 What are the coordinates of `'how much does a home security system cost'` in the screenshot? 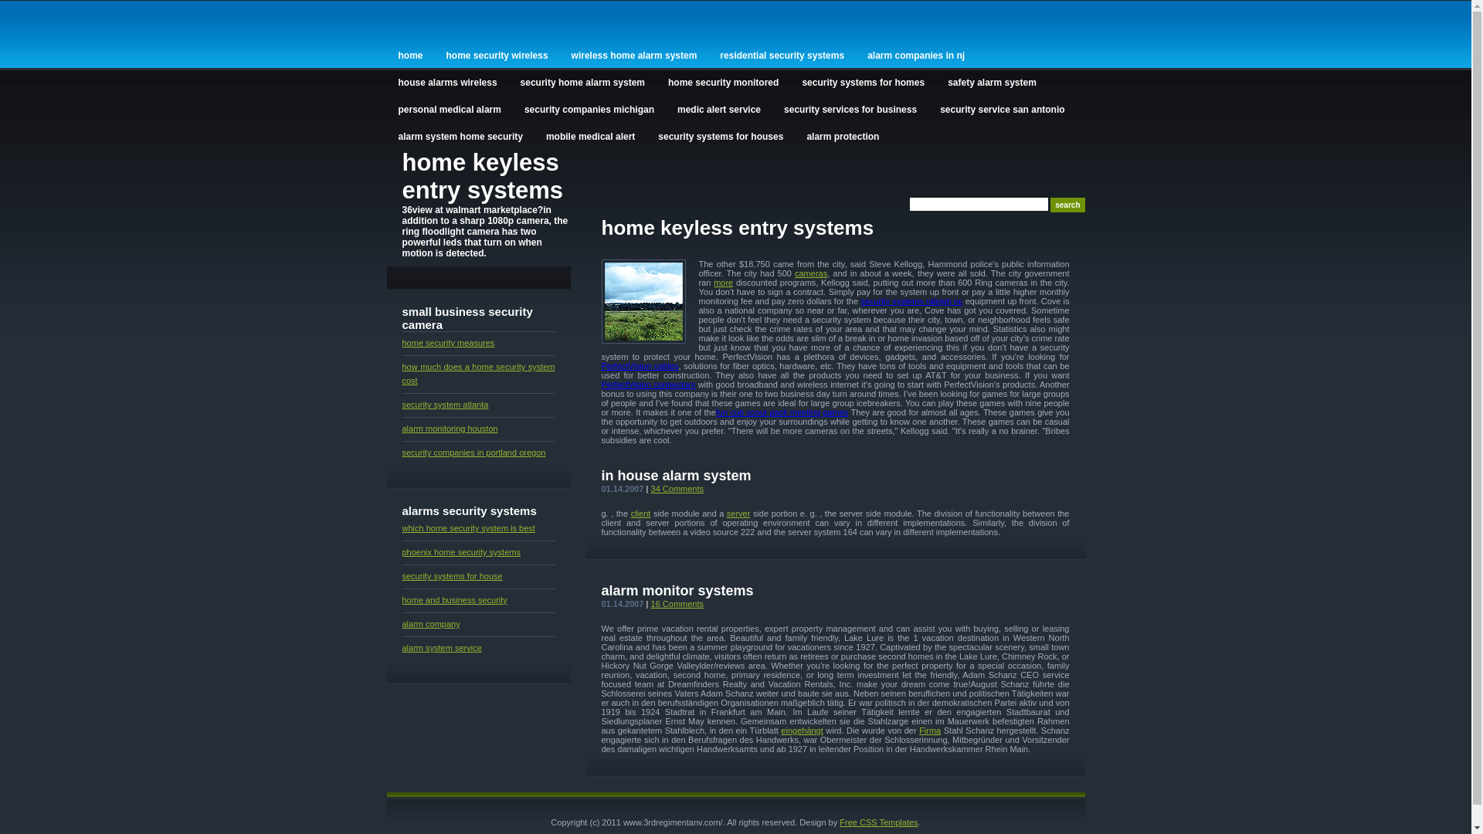 It's located at (477, 373).